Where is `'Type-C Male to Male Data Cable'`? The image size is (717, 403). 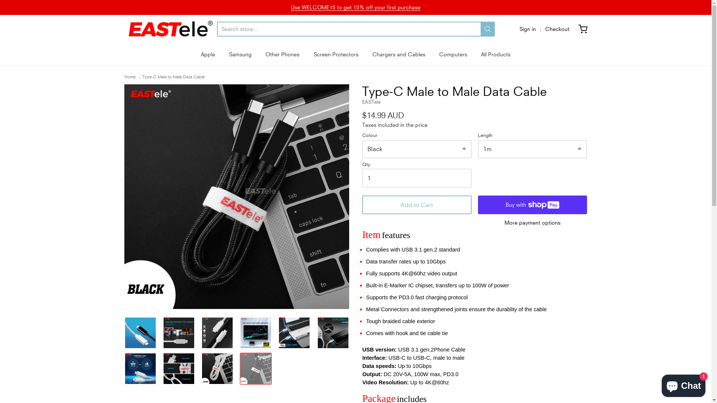
'Type-C Male to Male Data Cable' is located at coordinates (333, 332).